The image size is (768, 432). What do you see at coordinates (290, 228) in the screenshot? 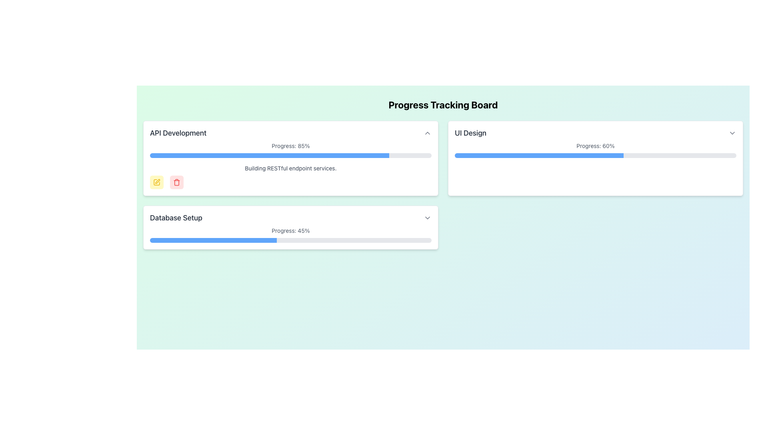
I see `progress card for the 'Database Setup' task, which is the third card in a three-card layout grid located in the bottom-left of the display` at bounding box center [290, 228].